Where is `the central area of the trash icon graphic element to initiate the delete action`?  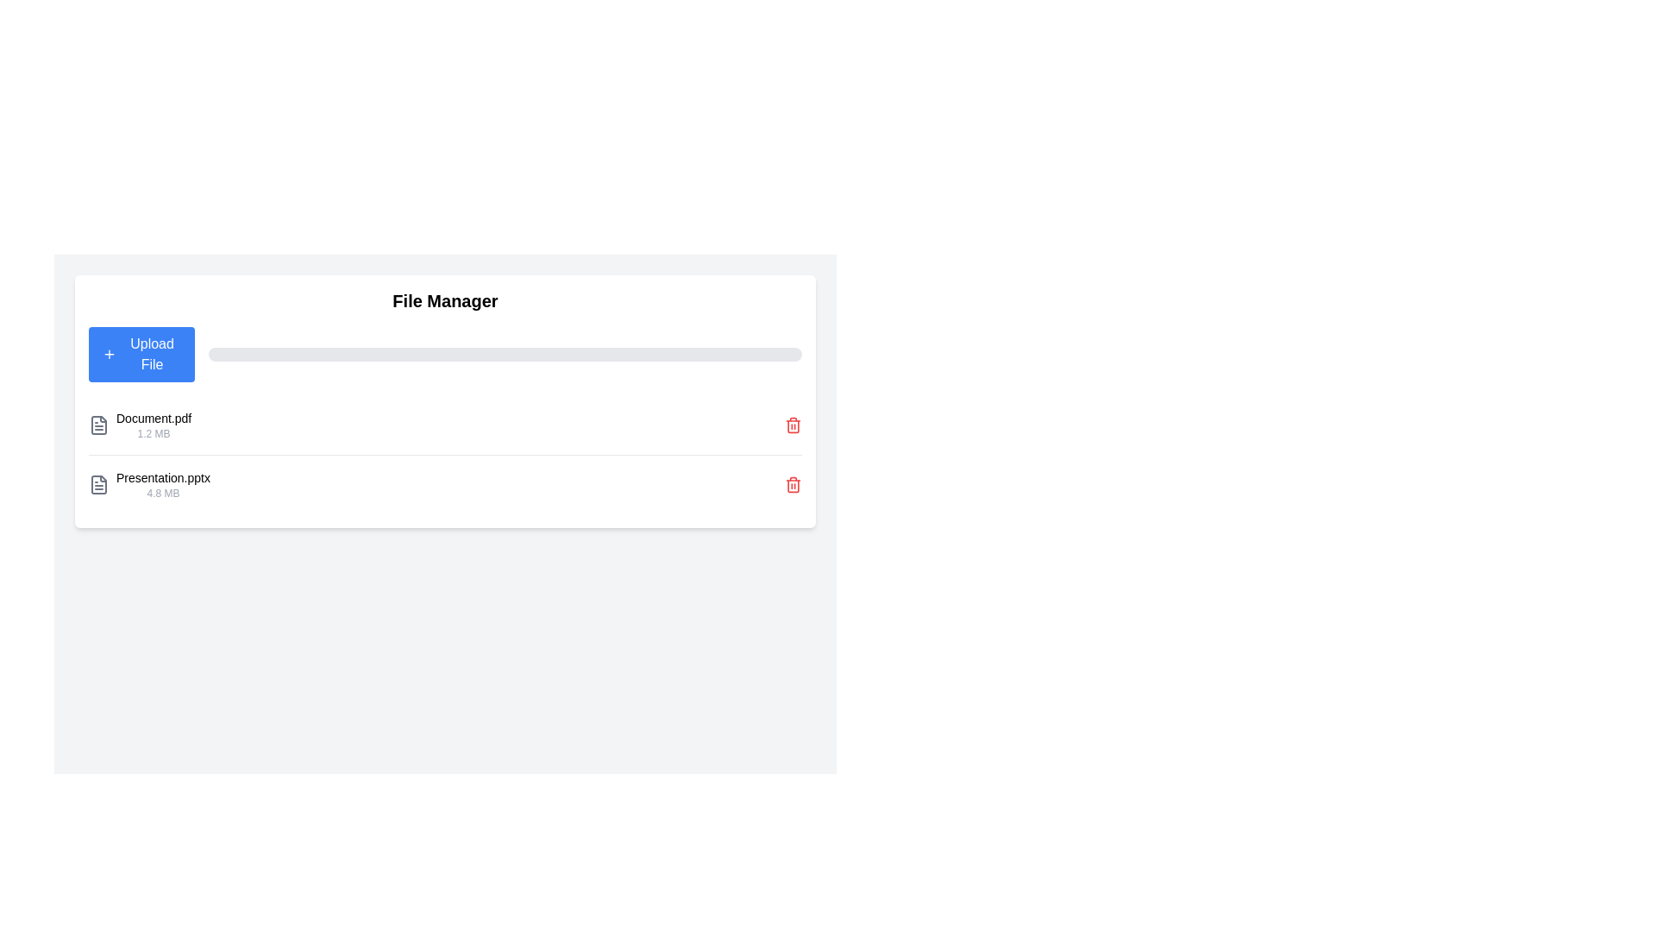 the central area of the trash icon graphic element to initiate the delete action is located at coordinates (793, 425).